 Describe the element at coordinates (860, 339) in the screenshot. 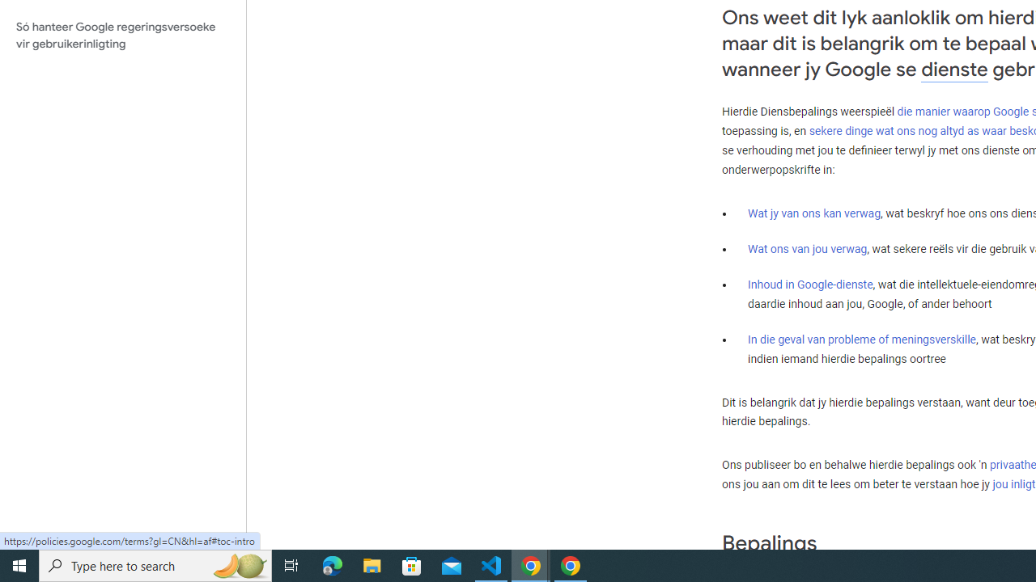

I see `'In die geval van probleme of meningsverskille'` at that location.